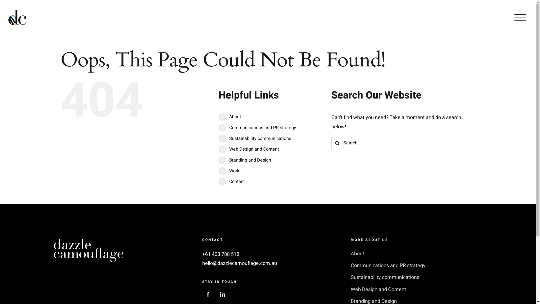  What do you see at coordinates (202, 254) in the screenshot?
I see `'+61 403 788 518'` at bounding box center [202, 254].